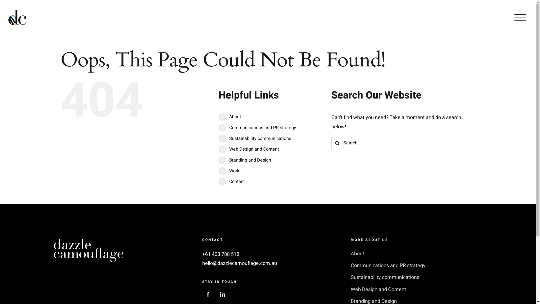  What do you see at coordinates (202, 254) in the screenshot?
I see `'+61 403 788 518'` at bounding box center [202, 254].